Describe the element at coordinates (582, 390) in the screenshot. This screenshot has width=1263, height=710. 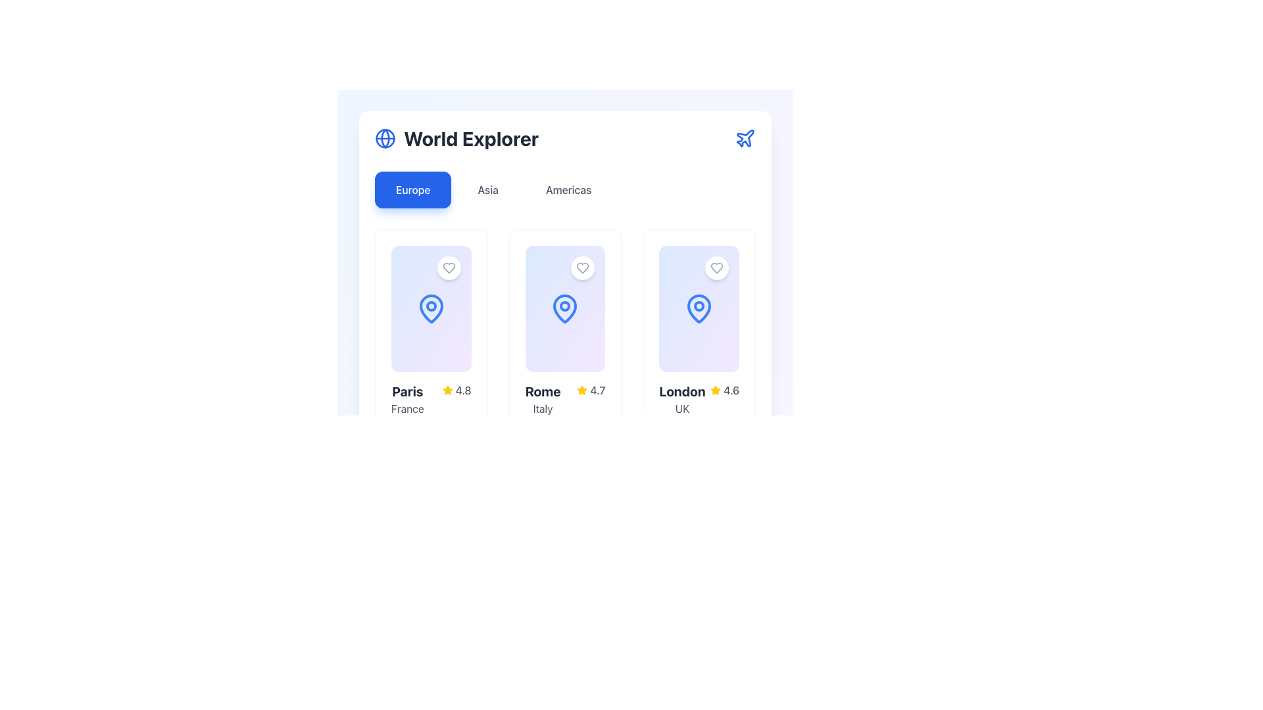
I see `the star icon representing the rating value of '4.7' located in the second card labeled 'Rome'` at that location.